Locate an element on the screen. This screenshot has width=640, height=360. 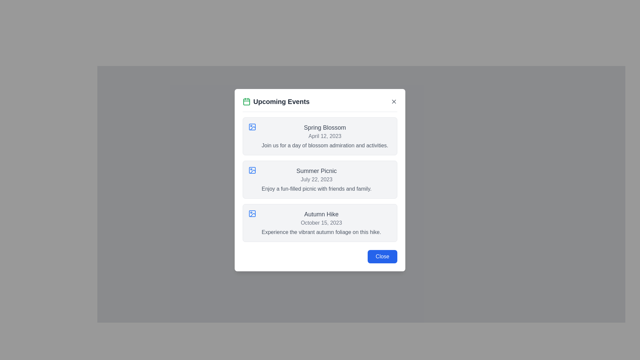
the text label displaying 'Autumn Hike' in the Upcoming Events interface, which is styled in bold gray font and located above the event details is located at coordinates (321, 214).